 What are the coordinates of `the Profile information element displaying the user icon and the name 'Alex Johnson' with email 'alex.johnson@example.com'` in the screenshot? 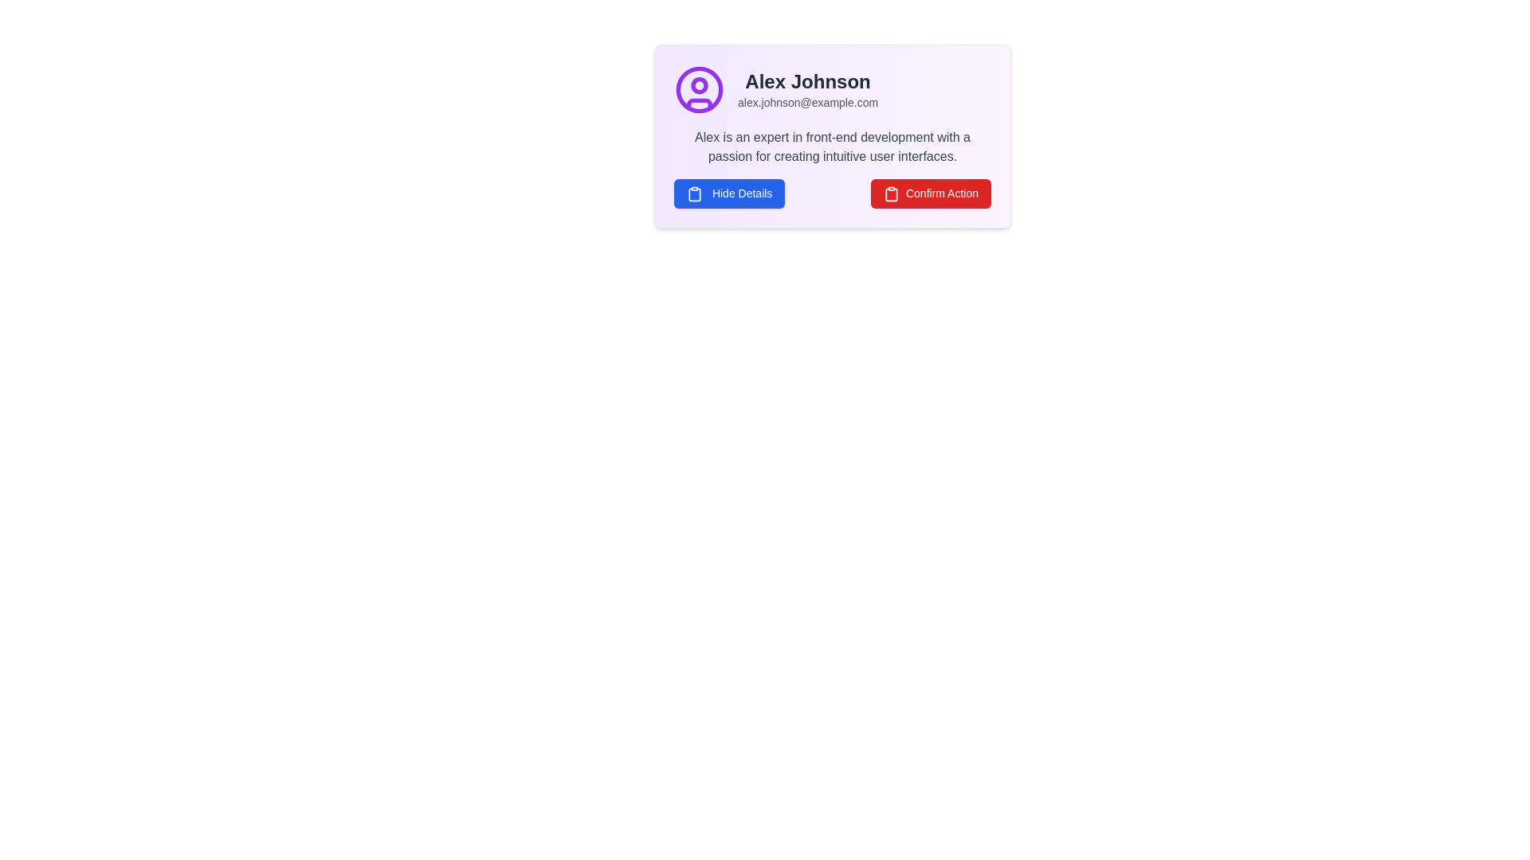 It's located at (832, 89).